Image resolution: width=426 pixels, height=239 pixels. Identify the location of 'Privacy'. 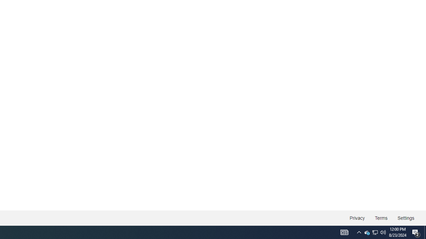
(357, 218).